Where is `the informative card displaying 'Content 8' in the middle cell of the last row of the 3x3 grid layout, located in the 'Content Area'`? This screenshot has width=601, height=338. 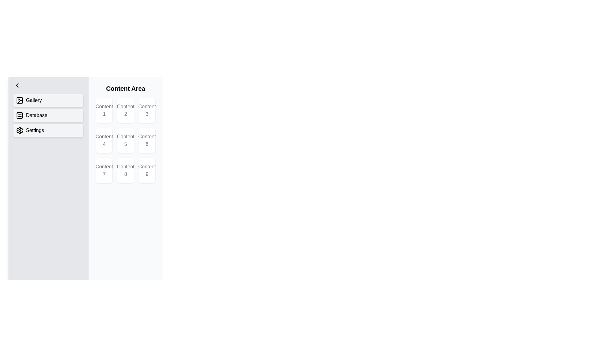 the informative card displaying 'Content 8' in the middle cell of the last row of the 3x3 grid layout, located in the 'Content Area' is located at coordinates (125, 170).